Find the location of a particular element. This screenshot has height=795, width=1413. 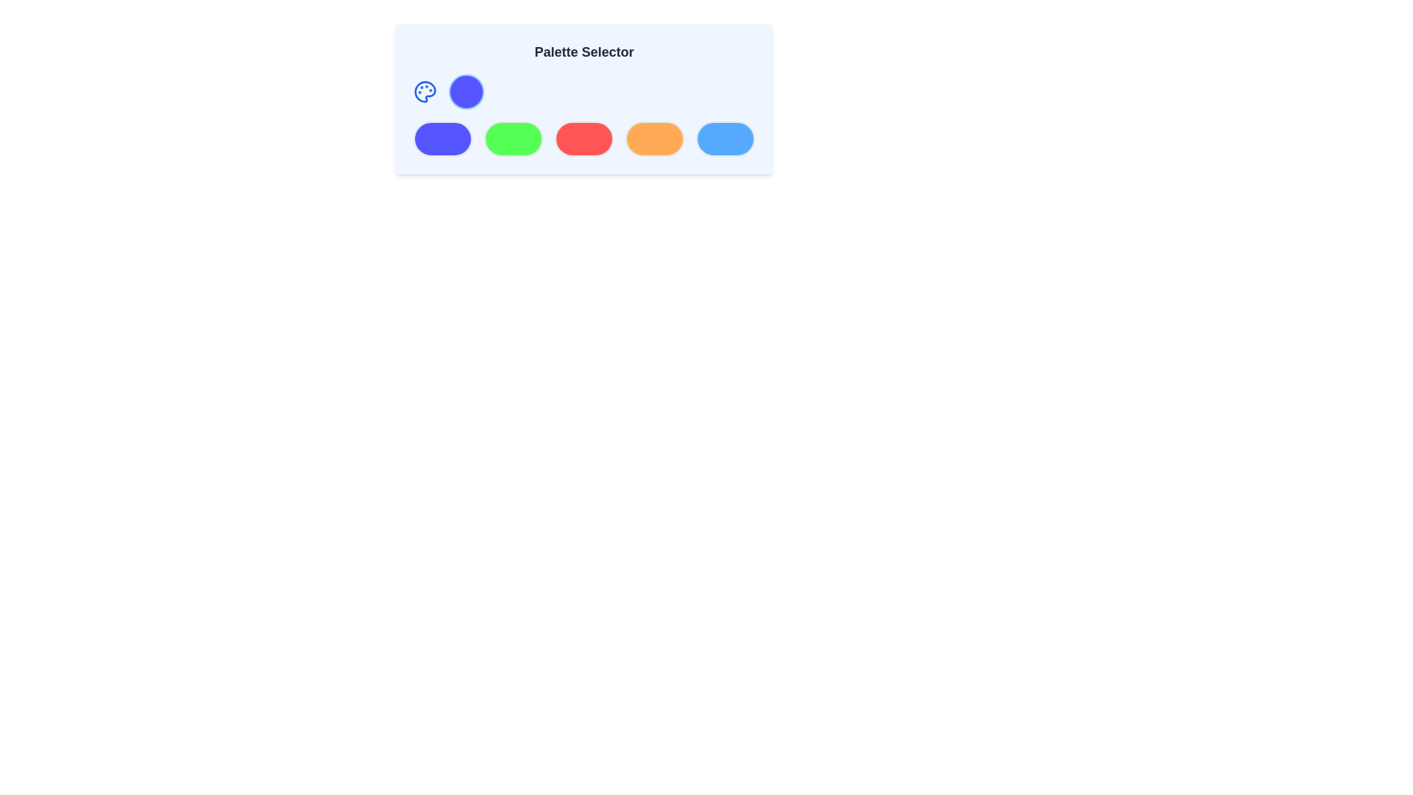

the fourth button in a row of five, which serves as a color selector is located at coordinates (654, 139).